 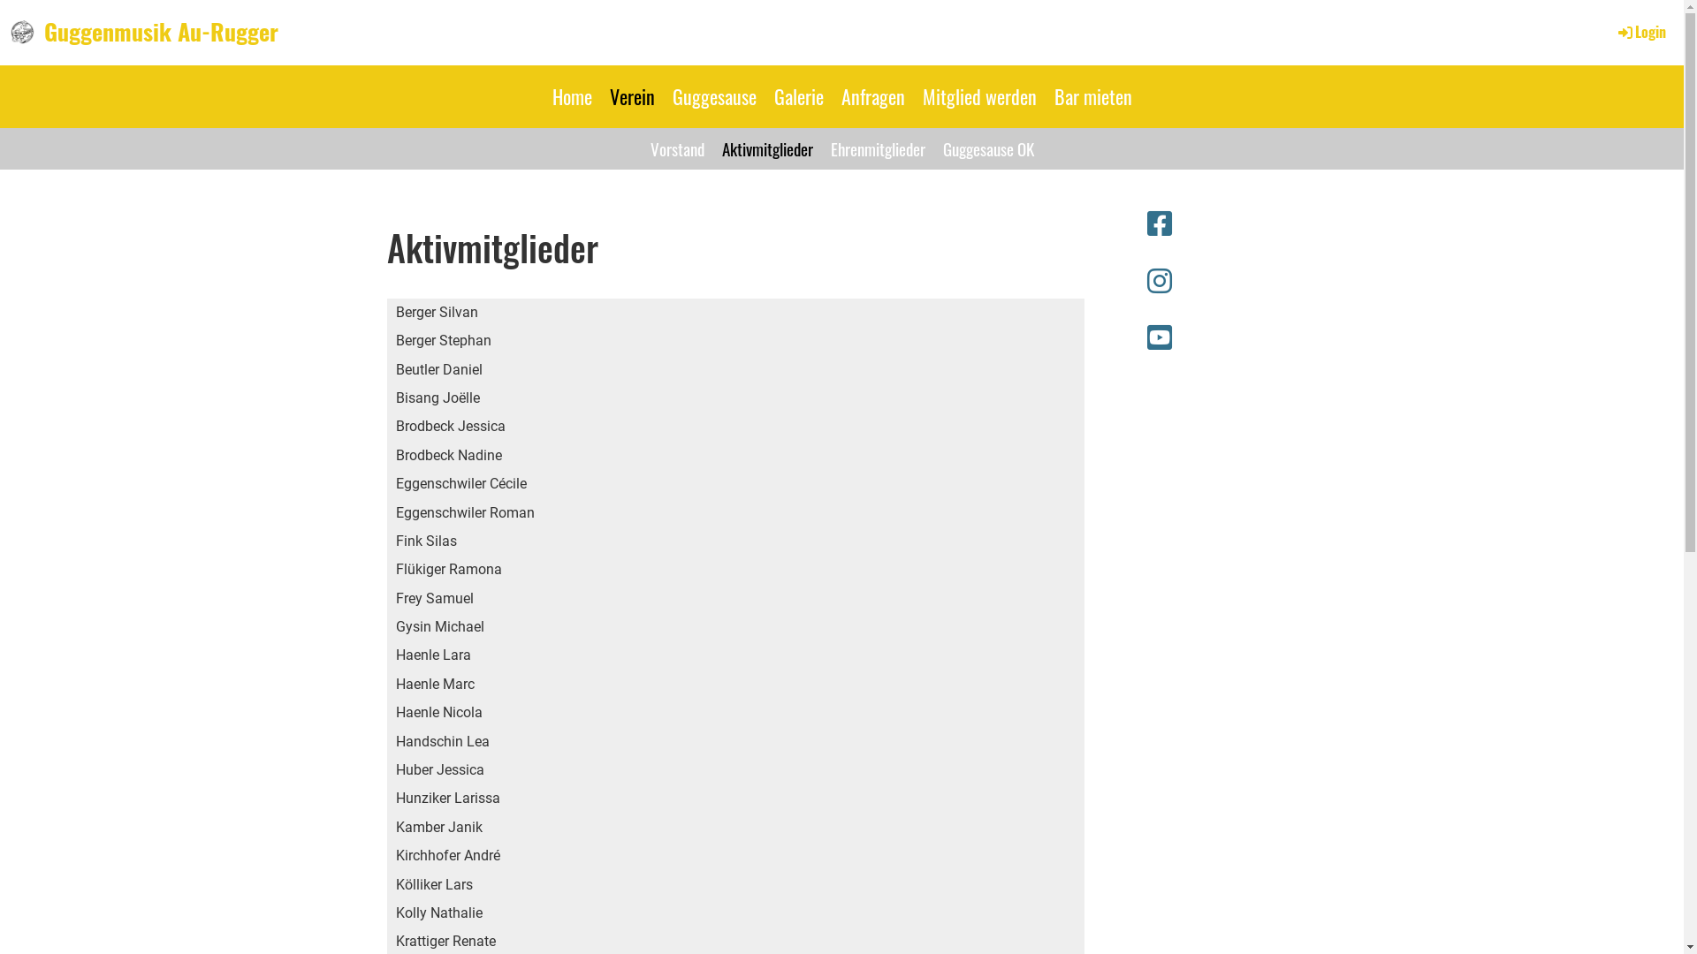 What do you see at coordinates (385, 513) in the screenshot?
I see `'Eggenschwiler Roman'` at bounding box center [385, 513].